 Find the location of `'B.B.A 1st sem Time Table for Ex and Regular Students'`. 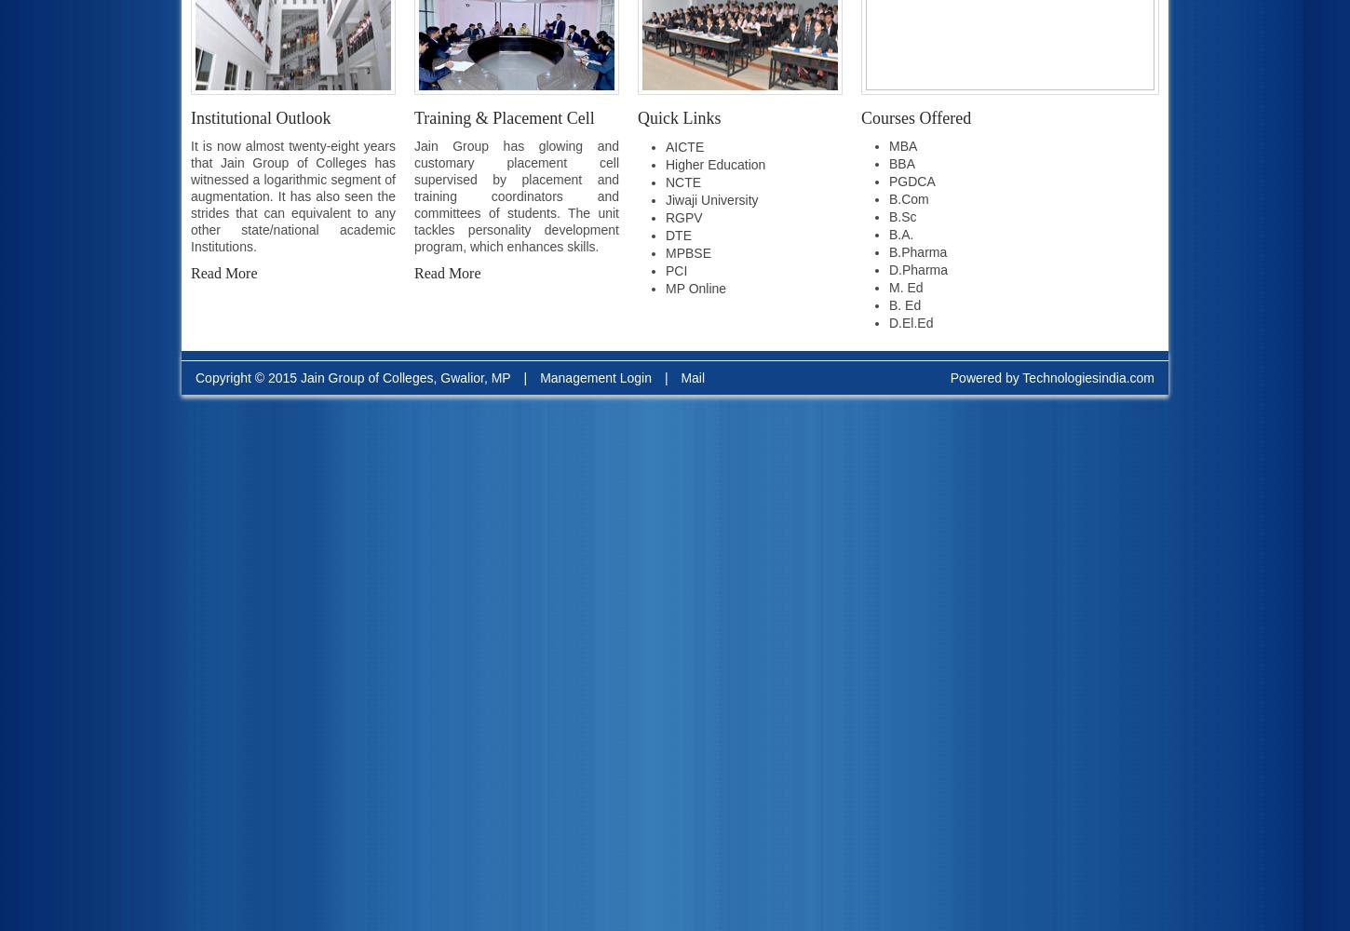

'B.B.A 1st sem Time Table for Ex and Regular Students' is located at coordinates (977, 23).